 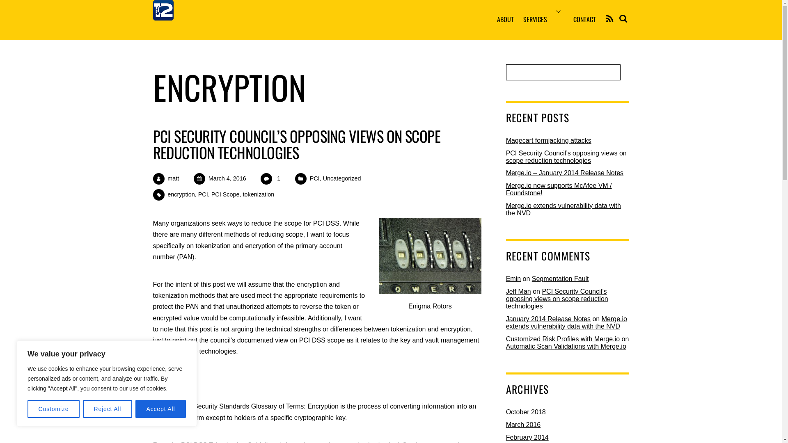 What do you see at coordinates (518, 291) in the screenshot?
I see `'Jeff Man'` at bounding box center [518, 291].